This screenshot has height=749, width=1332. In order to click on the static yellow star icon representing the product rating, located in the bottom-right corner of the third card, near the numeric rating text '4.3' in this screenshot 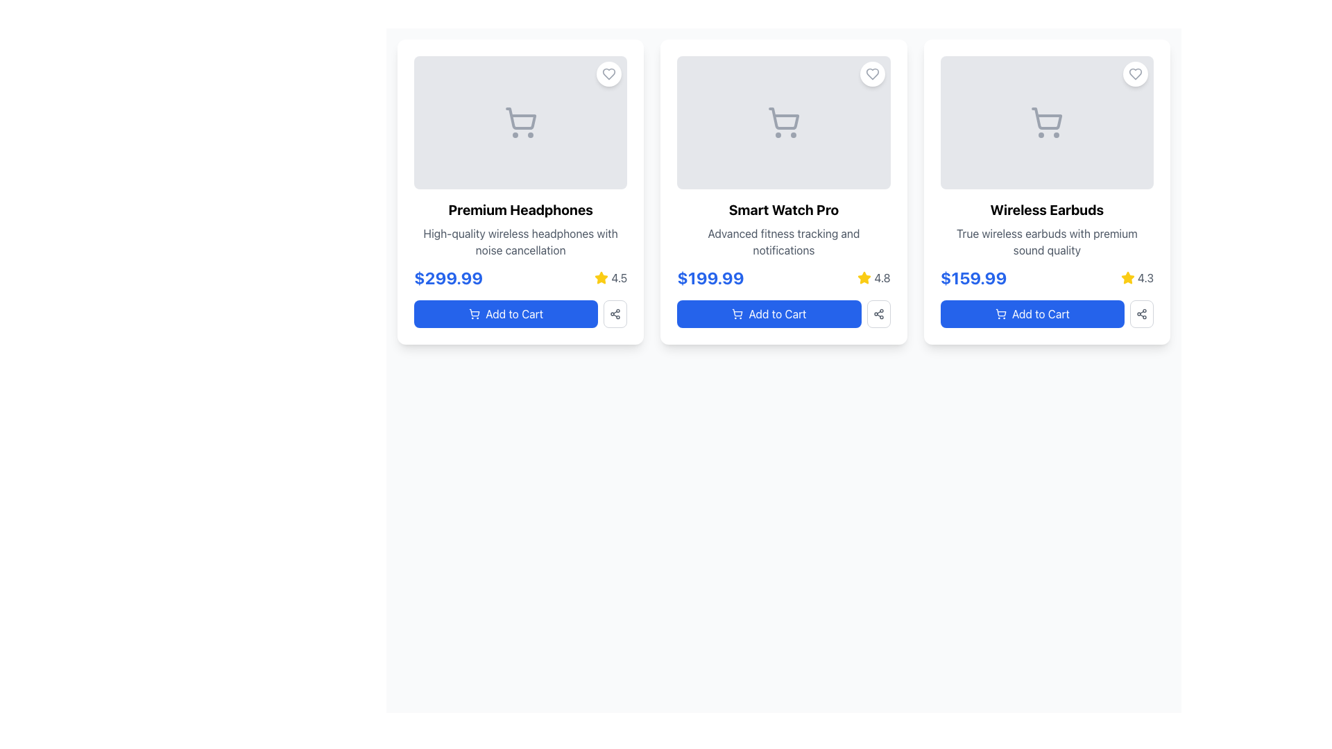, I will do `click(1127, 278)`.